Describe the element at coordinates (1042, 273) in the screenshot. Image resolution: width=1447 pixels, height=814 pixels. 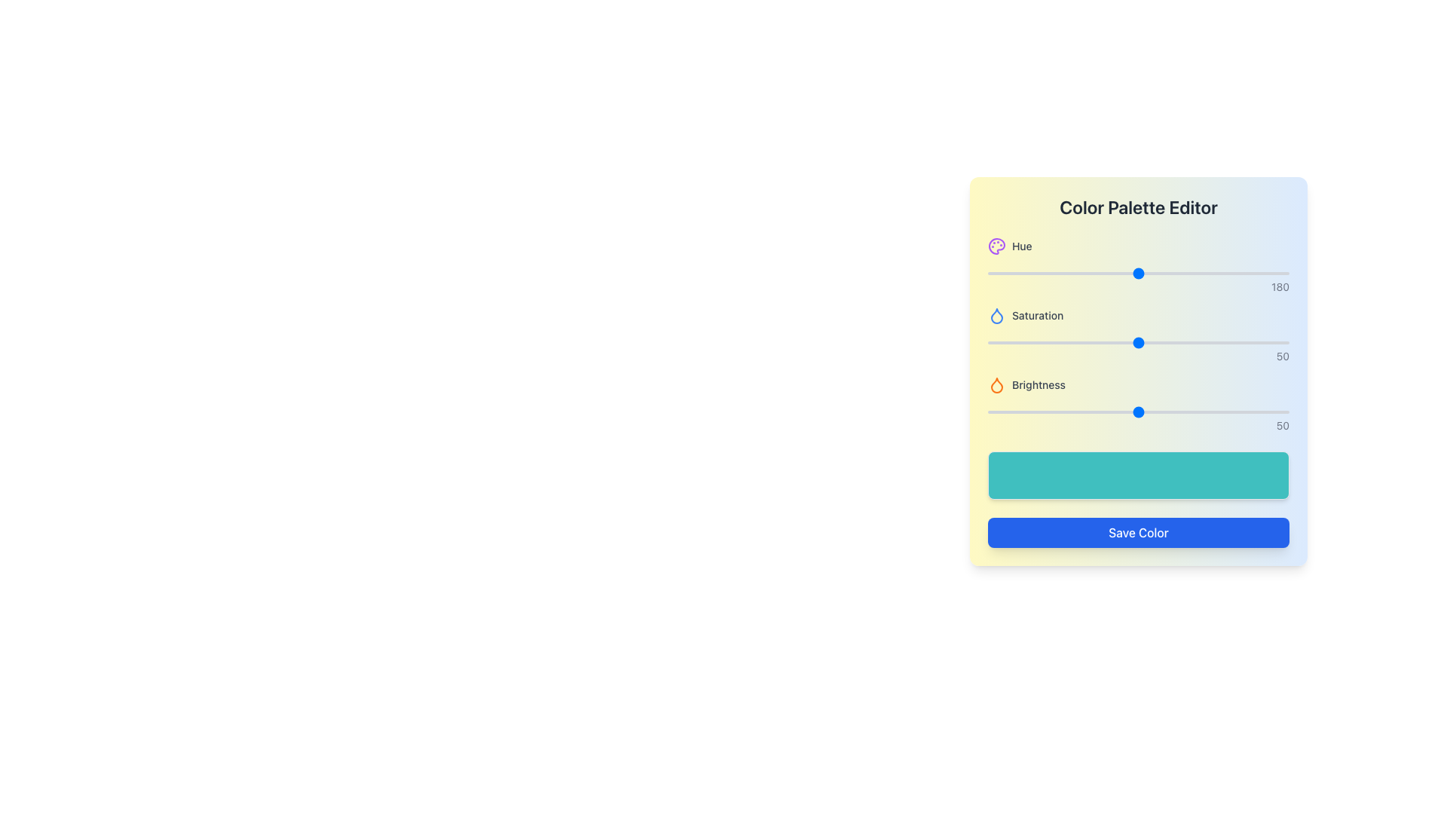
I see `the hue value` at that location.